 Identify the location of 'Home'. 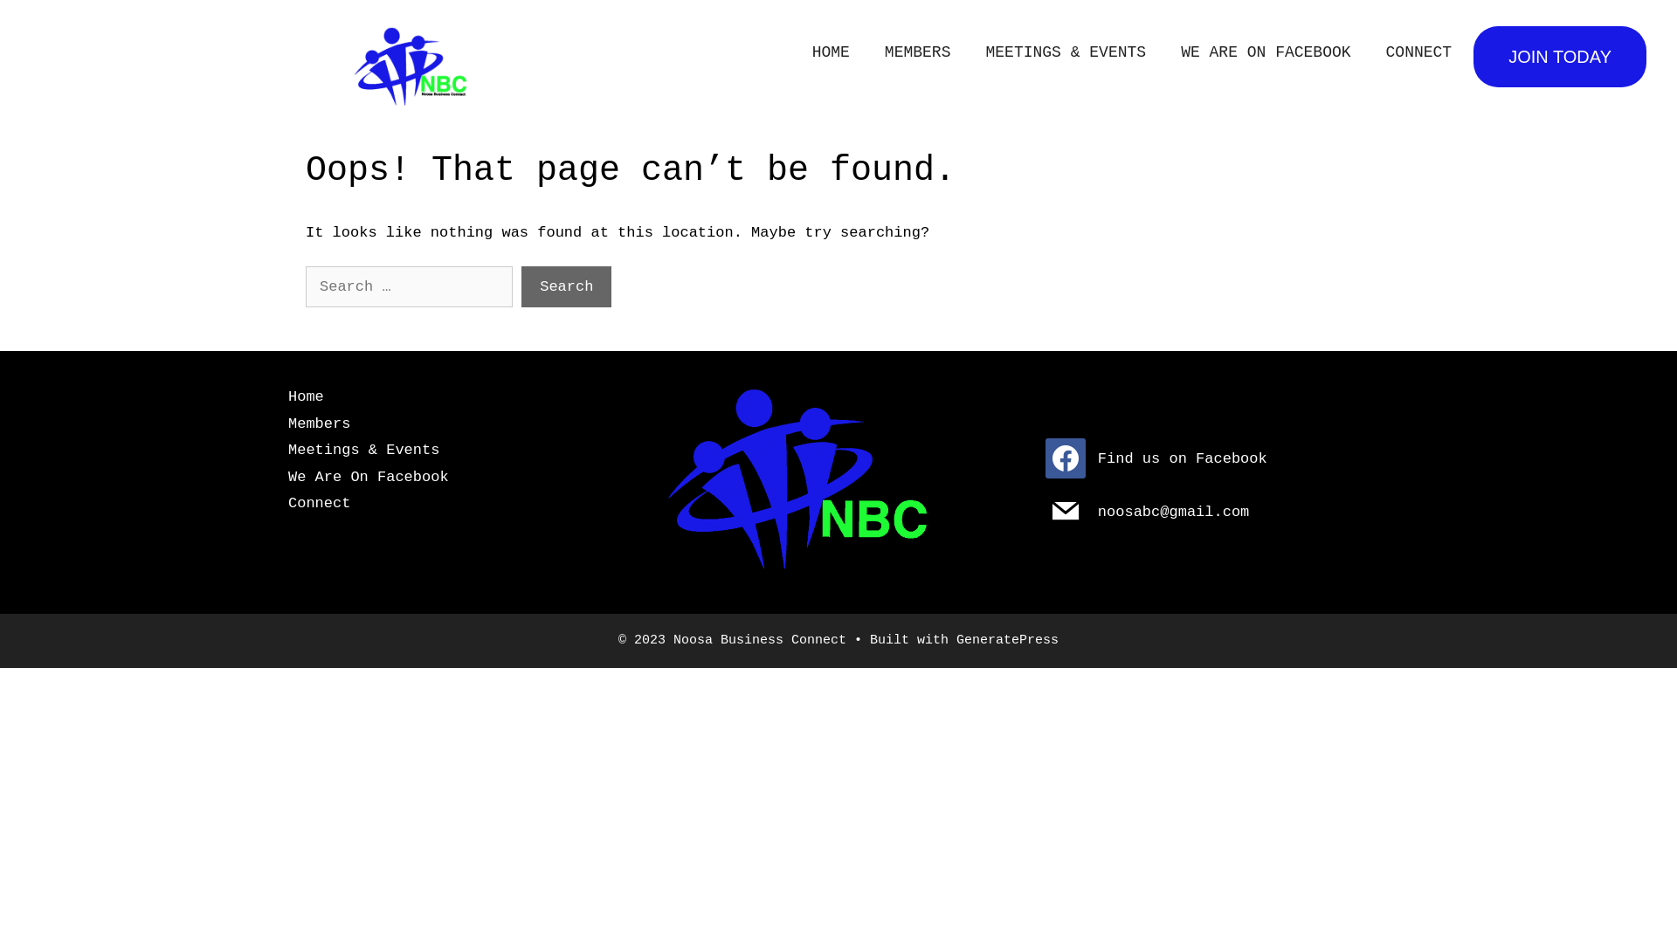
(288, 396).